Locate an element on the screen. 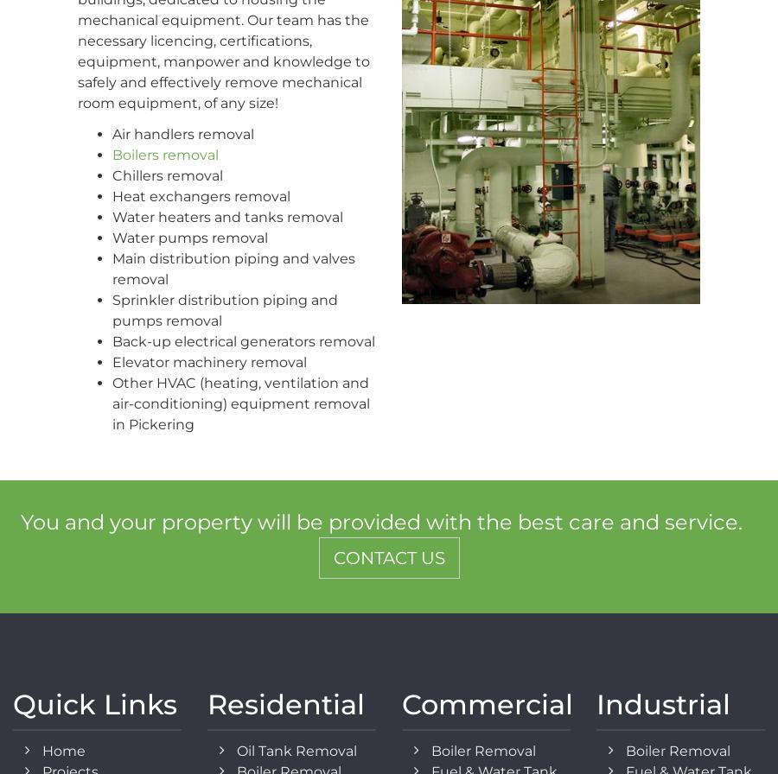 This screenshot has width=778, height=774. 'Industrial' is located at coordinates (662, 704).